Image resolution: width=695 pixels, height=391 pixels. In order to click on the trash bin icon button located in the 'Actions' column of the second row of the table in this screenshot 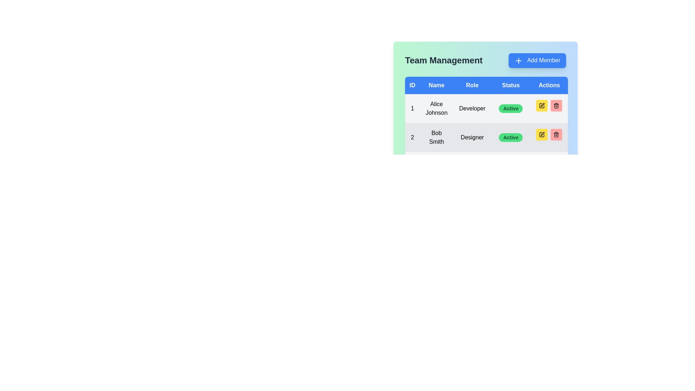, I will do `click(556, 105)`.